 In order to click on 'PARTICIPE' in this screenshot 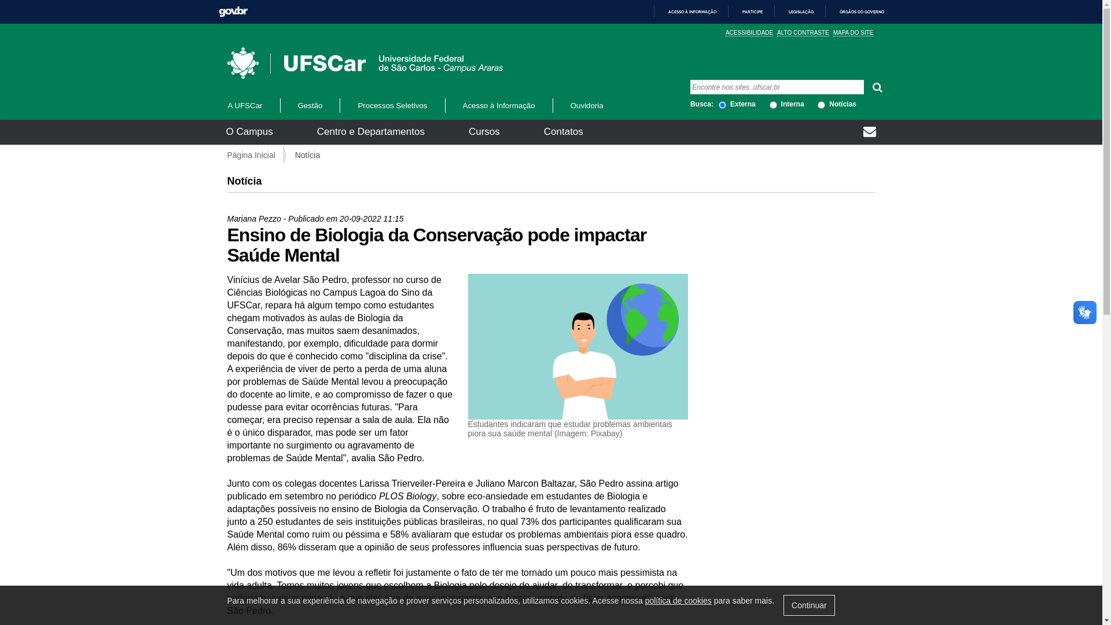, I will do `click(747, 12)`.